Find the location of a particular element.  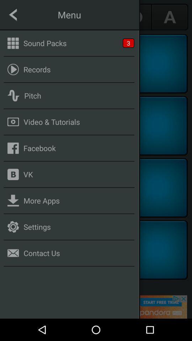

the font icon is located at coordinates (169, 17).